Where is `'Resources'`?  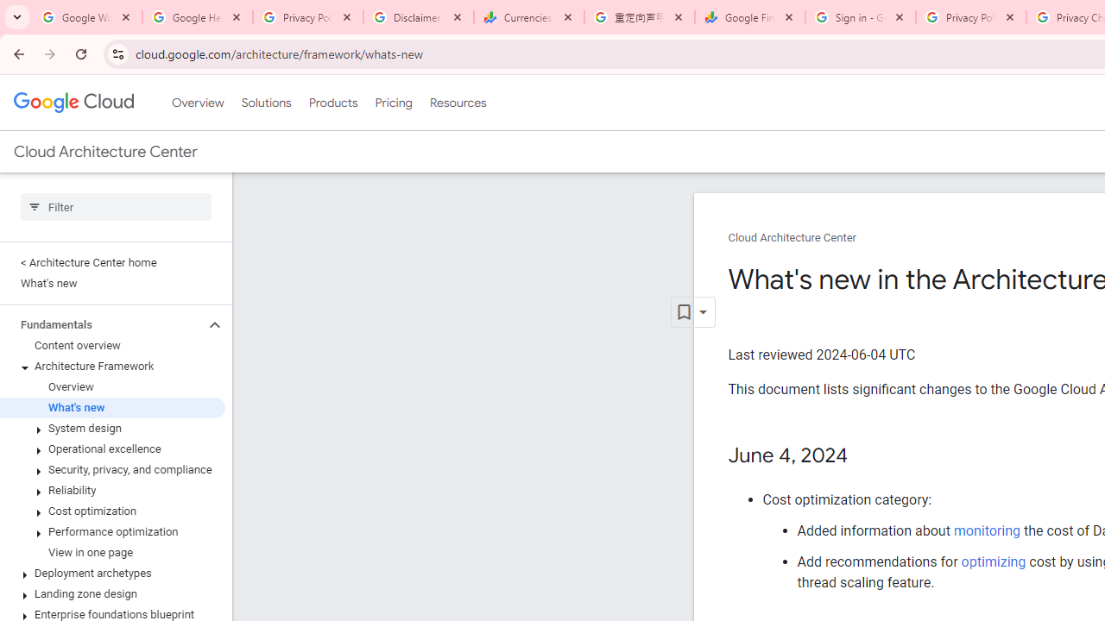
'Resources' is located at coordinates (458, 103).